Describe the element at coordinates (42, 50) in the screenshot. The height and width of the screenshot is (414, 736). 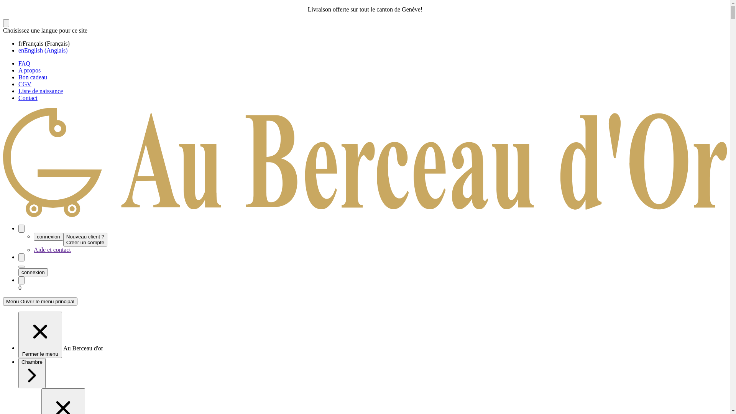
I see `'enEnglish (Anglais)'` at that location.